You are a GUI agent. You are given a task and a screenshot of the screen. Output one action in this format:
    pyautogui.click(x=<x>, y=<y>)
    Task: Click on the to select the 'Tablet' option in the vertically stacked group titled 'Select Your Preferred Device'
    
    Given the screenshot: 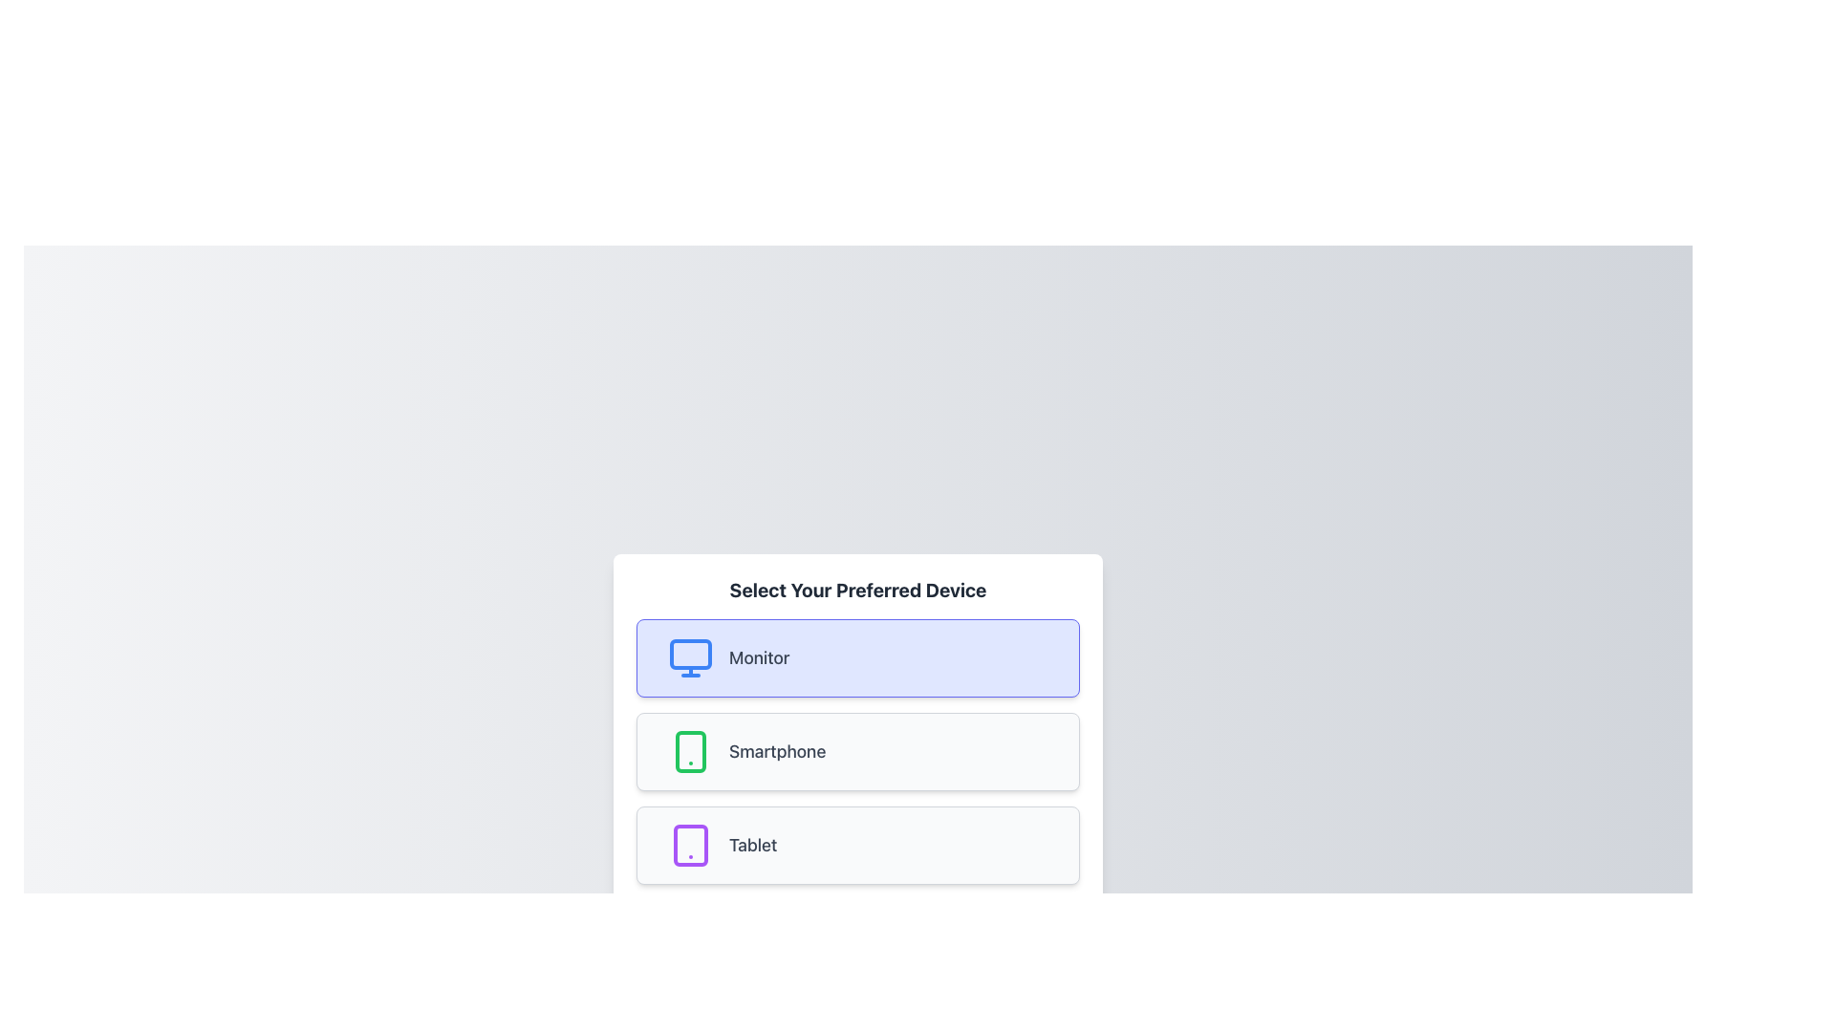 What is the action you would take?
    pyautogui.click(x=856, y=844)
    